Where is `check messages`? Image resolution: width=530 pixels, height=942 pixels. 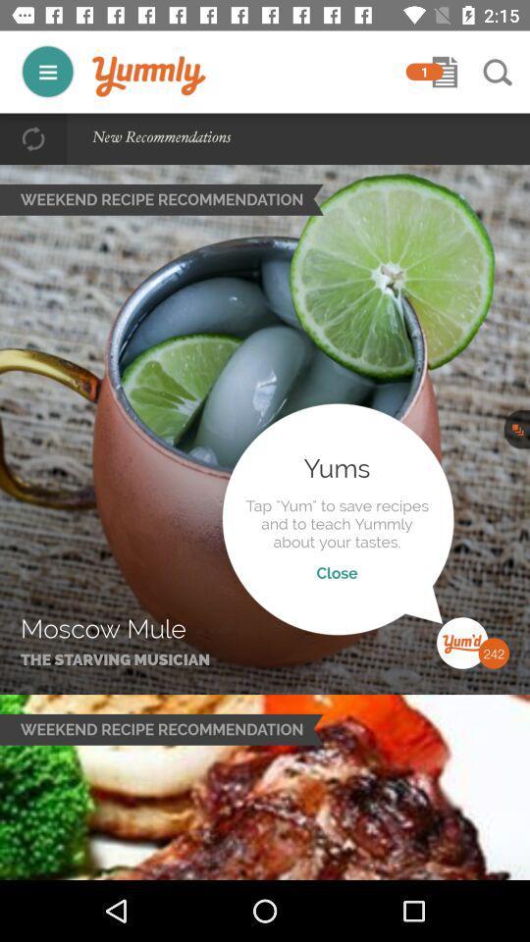
check messages is located at coordinates (445, 72).